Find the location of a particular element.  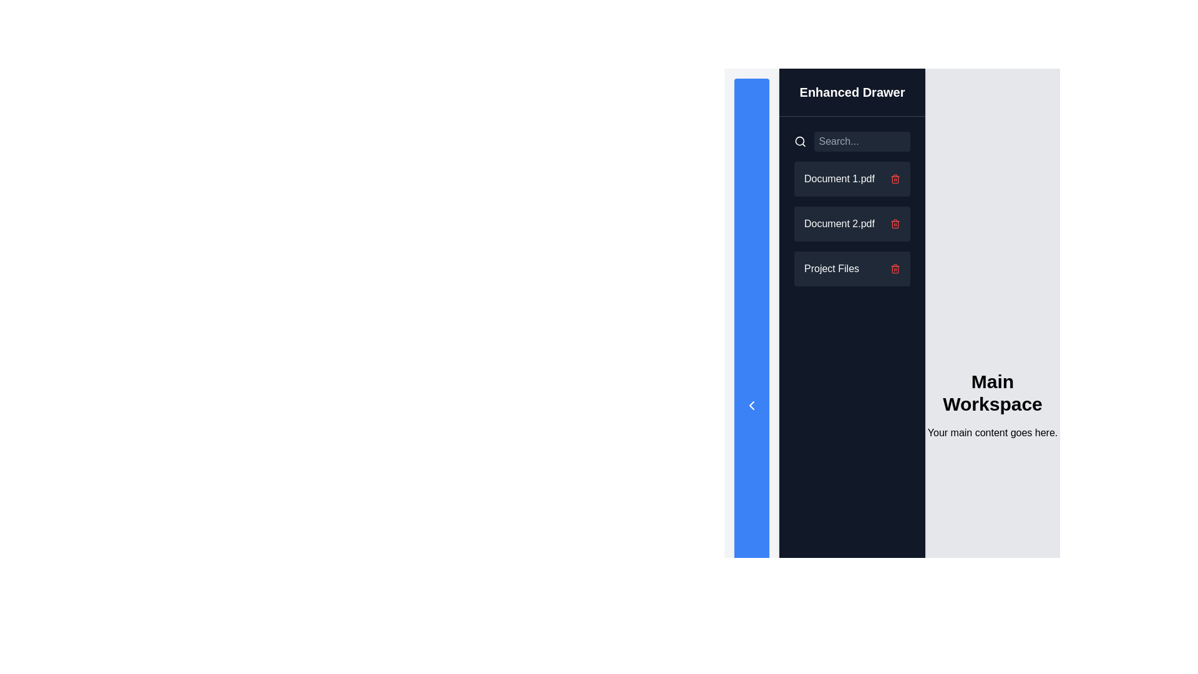

the text label displaying 'Document 1.pdf' in white font is located at coordinates (839, 178).